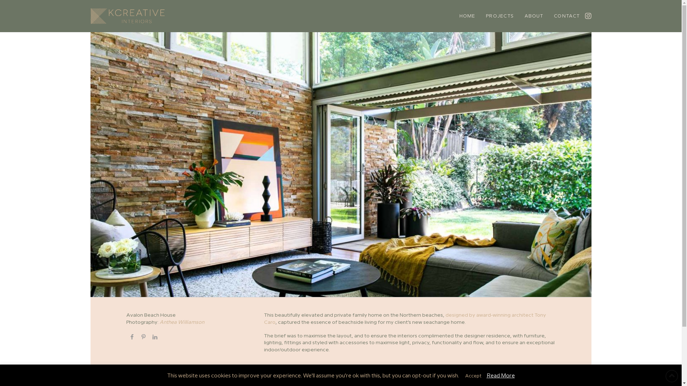  I want to click on 'HOME', so click(453, 16).